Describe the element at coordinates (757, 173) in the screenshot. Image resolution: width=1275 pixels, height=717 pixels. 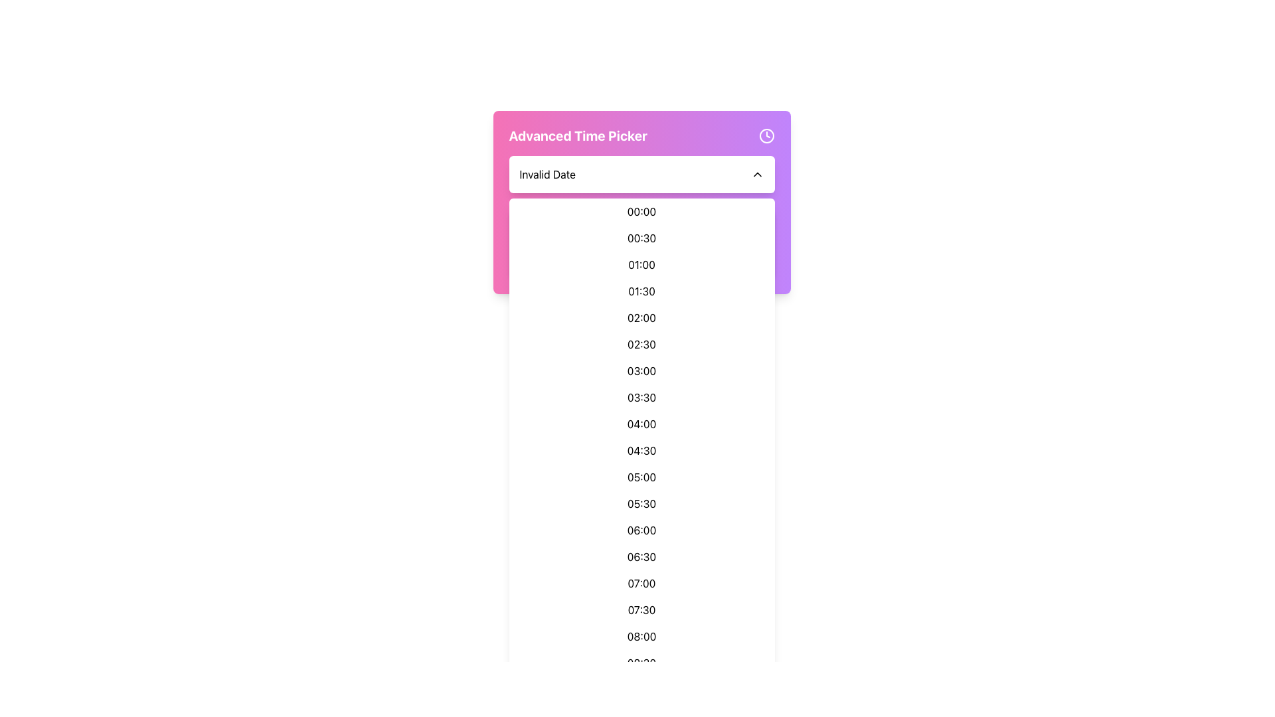
I see `the chevron-up icon button located at the right end of the 'Invalid Date' input field` at that location.